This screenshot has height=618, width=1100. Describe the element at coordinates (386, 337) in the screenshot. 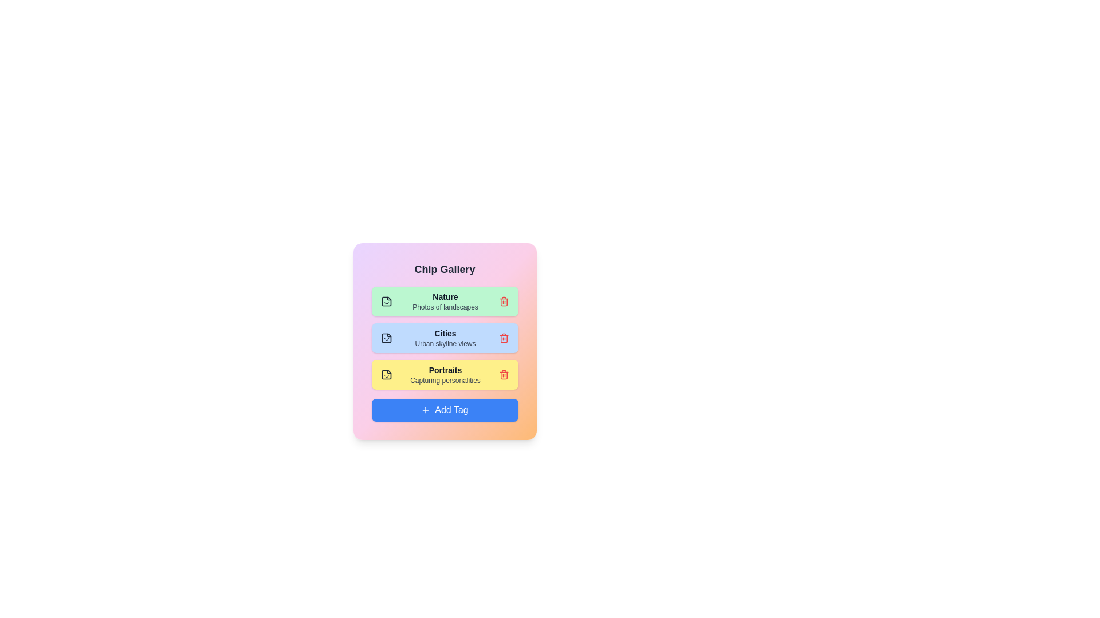

I see `the sticker icon of the tag labeled Cities` at that location.